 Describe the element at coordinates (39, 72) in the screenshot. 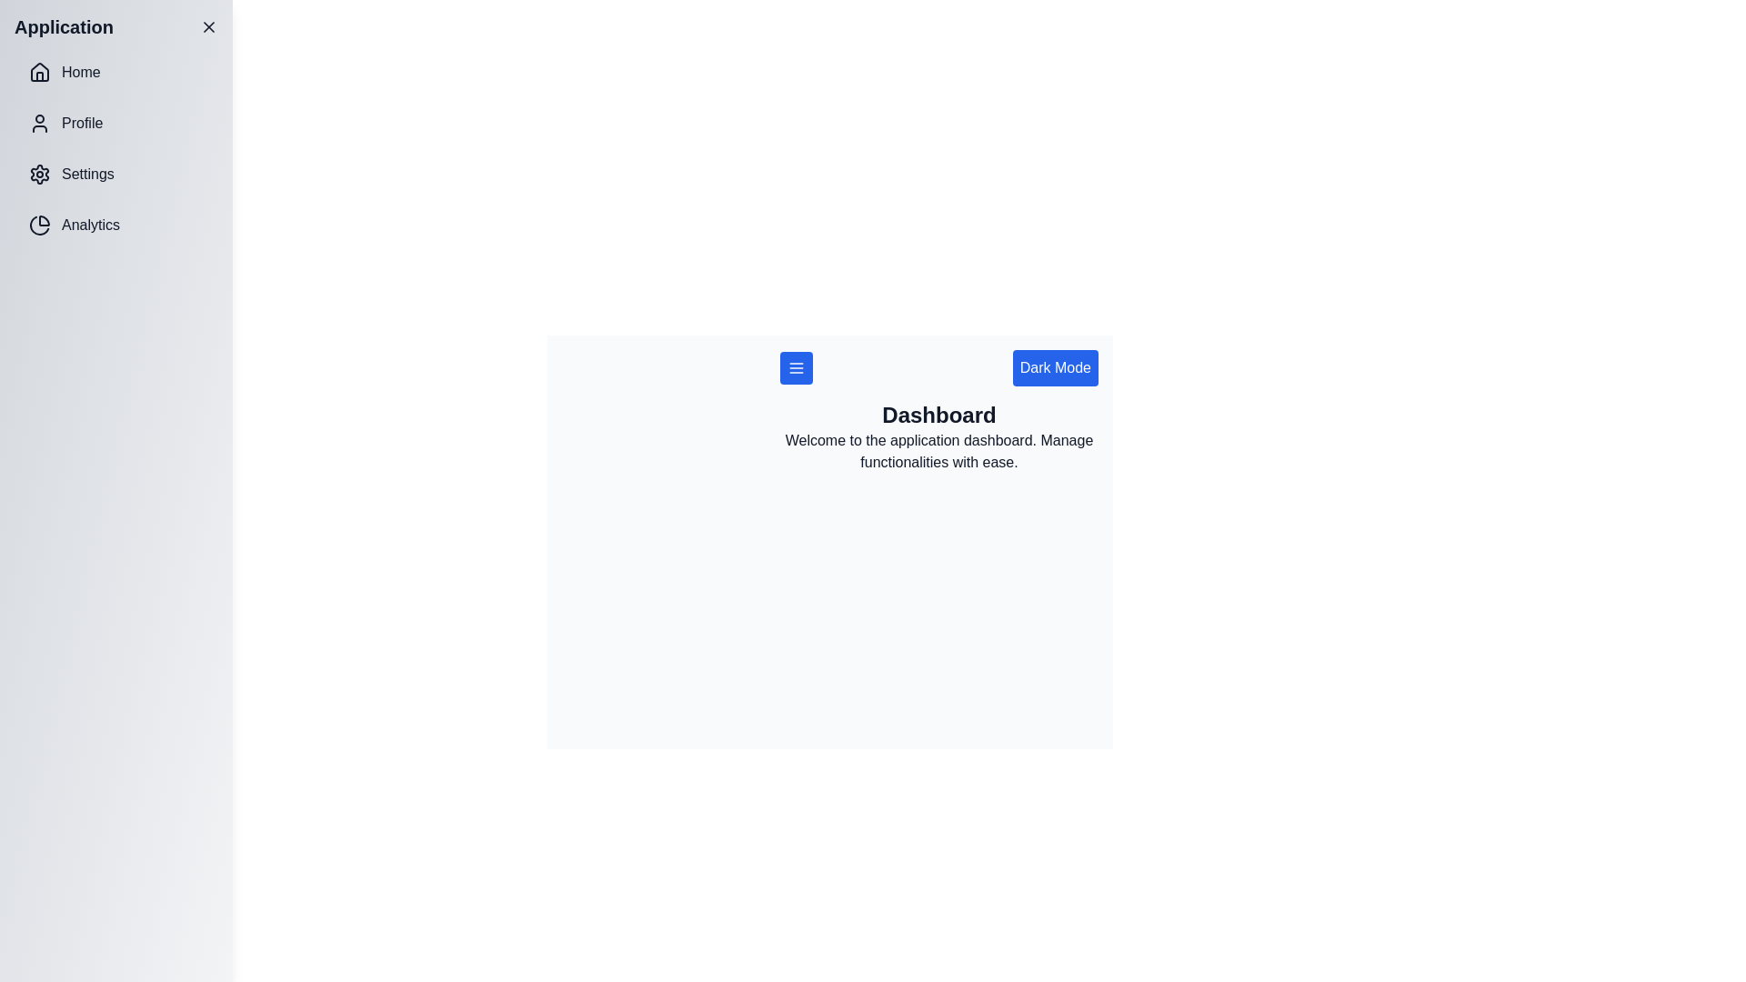

I see `the 'Home' icon located at the top of the vertical navigation bar on the left side of the application` at that location.